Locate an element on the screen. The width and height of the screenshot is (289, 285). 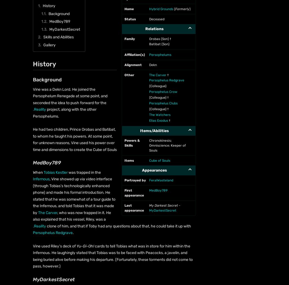
'Follow Us' is located at coordinates (32, 32).